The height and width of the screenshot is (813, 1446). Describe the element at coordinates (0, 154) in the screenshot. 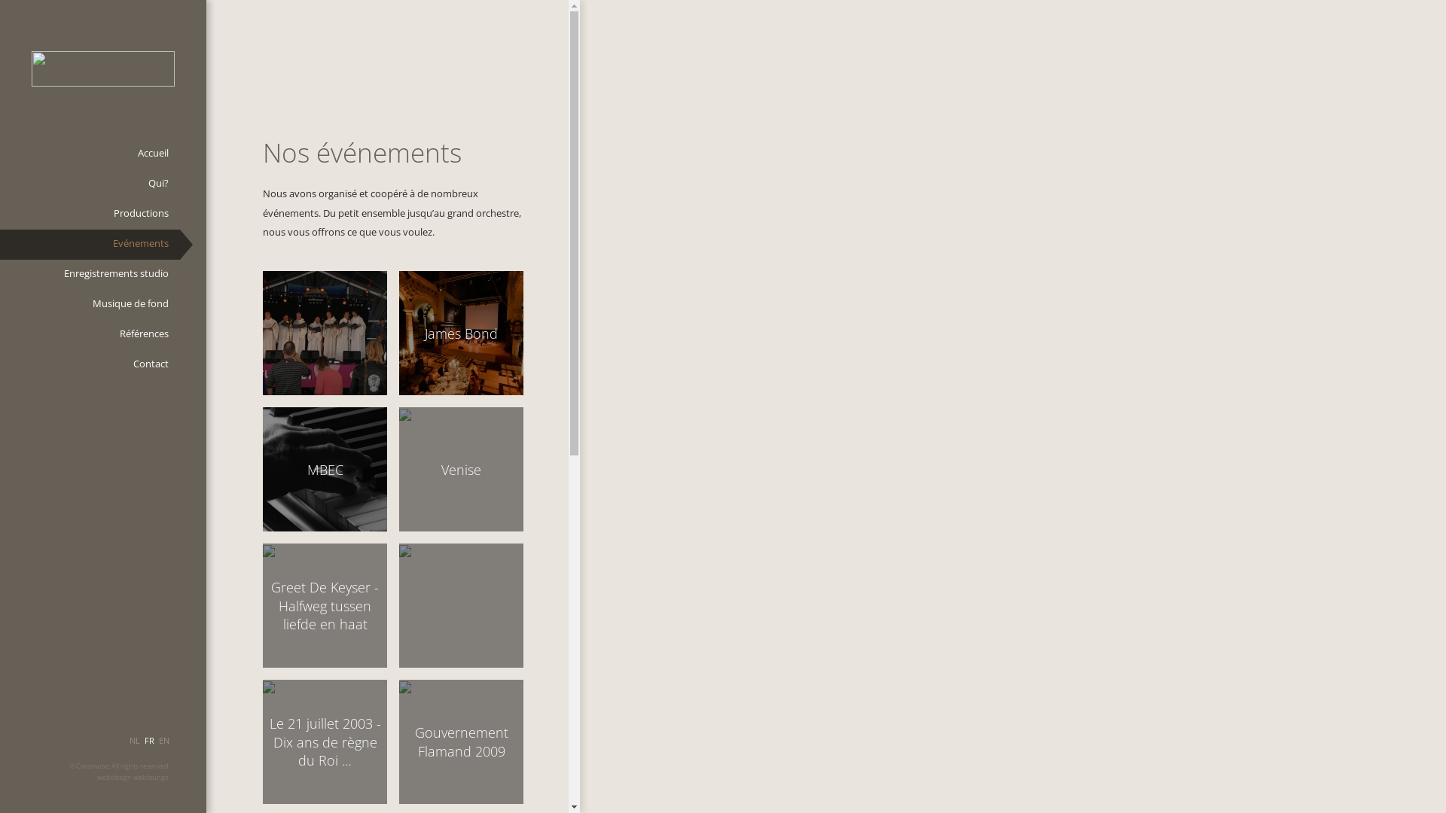

I see `'Accueil'` at that location.